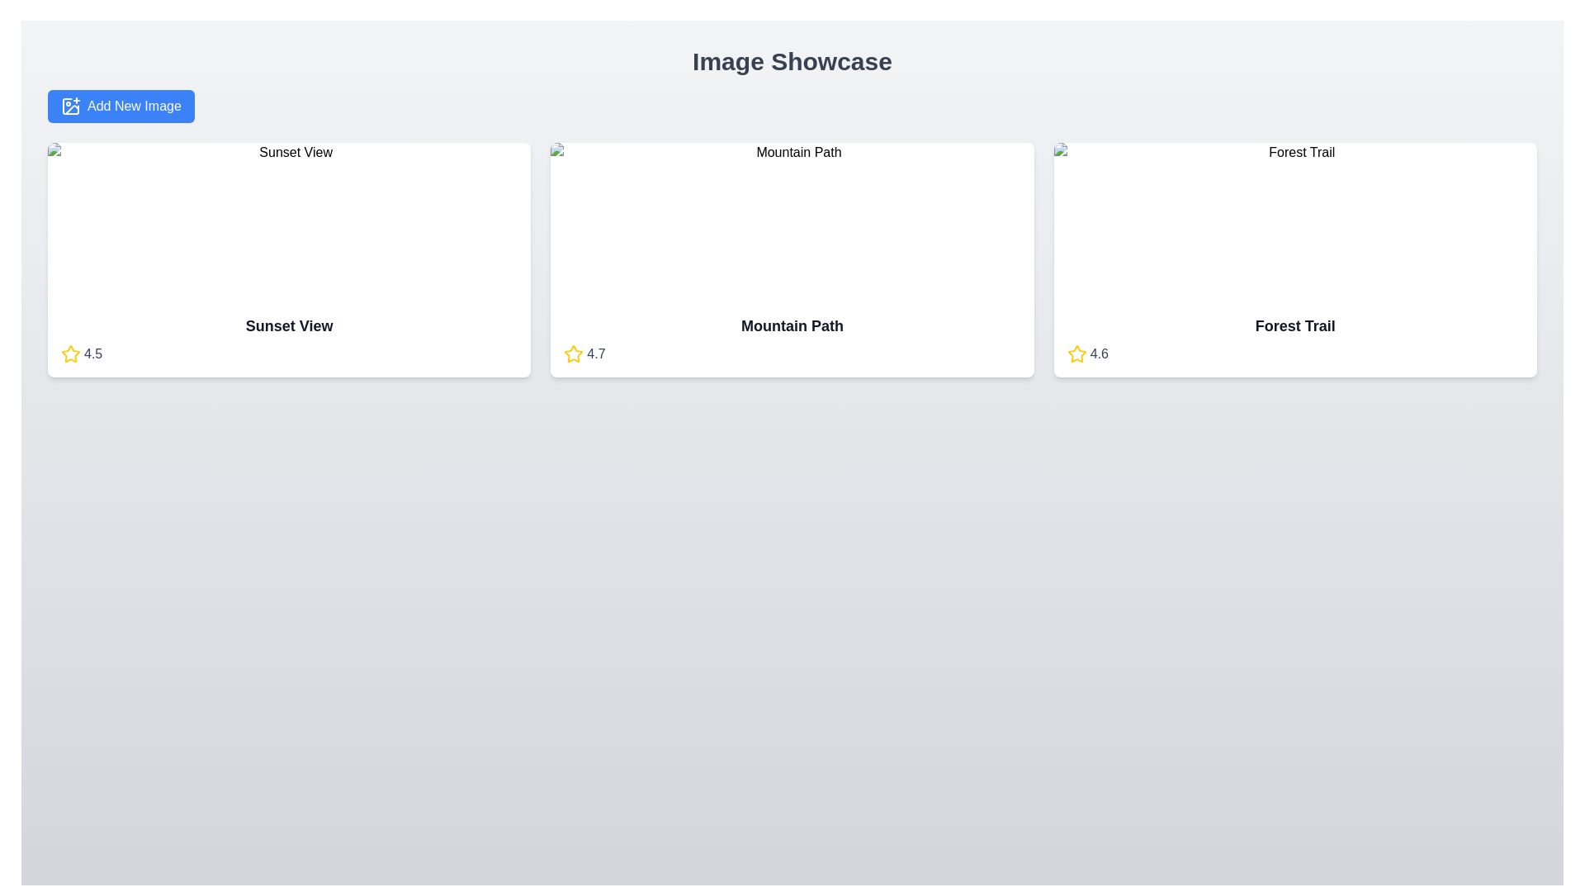  I want to click on numerical content displayed in the Text label for the 'Forest Trail' card, which shows the rating value and is located in the lower left area adjacent to a yellow star icon, so click(1099, 353).